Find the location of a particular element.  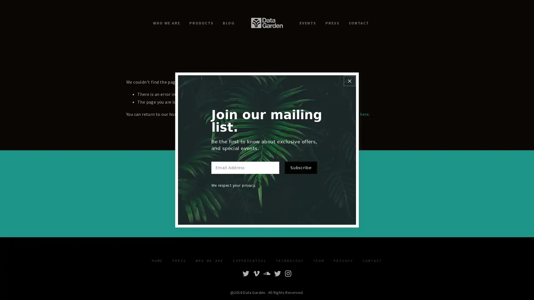

Close is located at coordinates (349, 77).